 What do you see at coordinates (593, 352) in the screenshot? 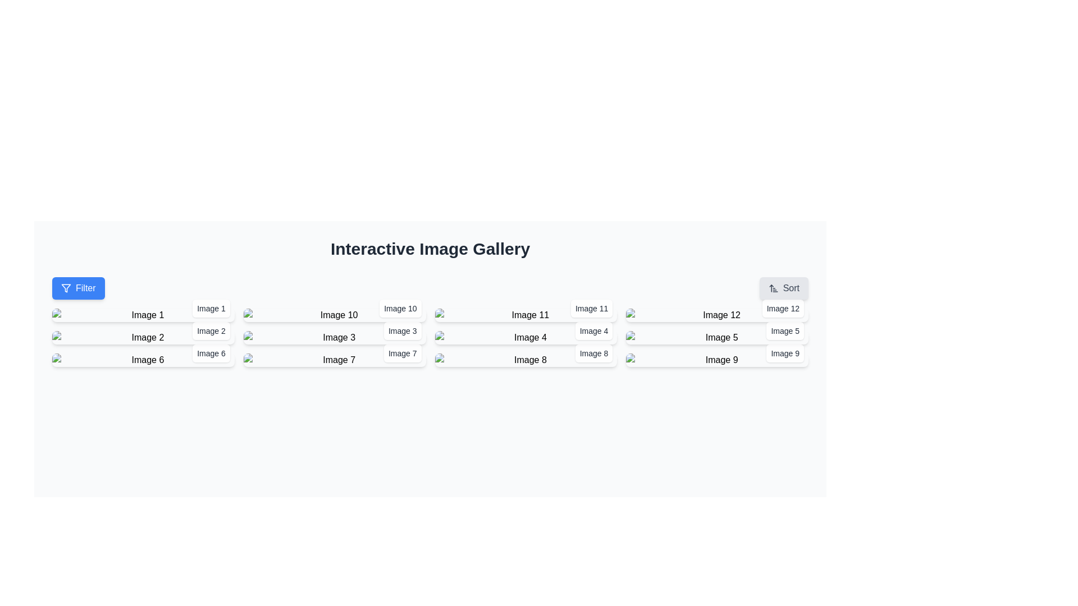
I see `the text label that describes 'Image 8', located in the bottom-right corner of the white rounded rectangle in the interactive image gallery` at bounding box center [593, 352].